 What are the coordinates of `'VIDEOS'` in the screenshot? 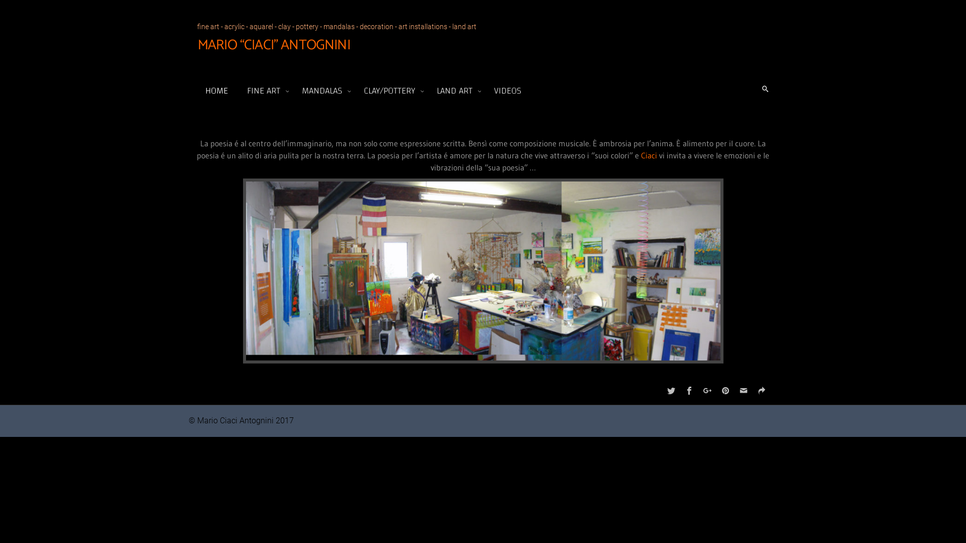 It's located at (508, 90).